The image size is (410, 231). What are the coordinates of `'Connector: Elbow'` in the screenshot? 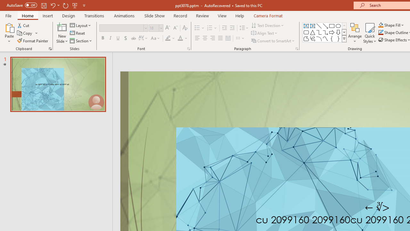 It's located at (319, 32).